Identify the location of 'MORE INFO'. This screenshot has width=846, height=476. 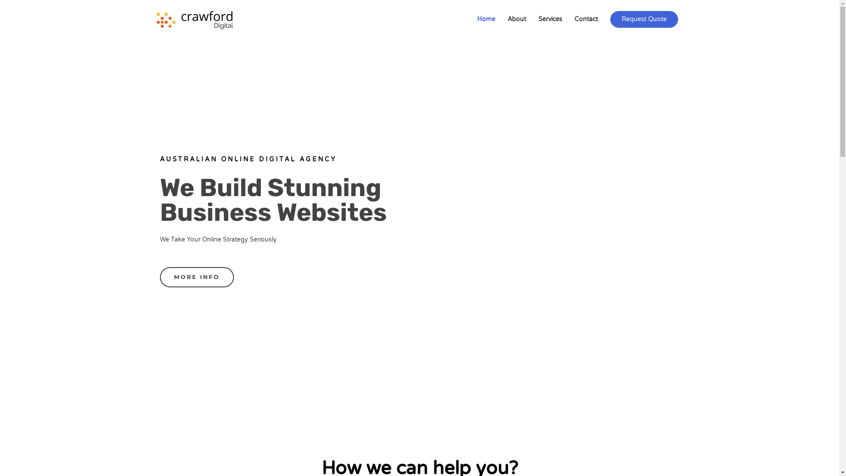
(196, 277).